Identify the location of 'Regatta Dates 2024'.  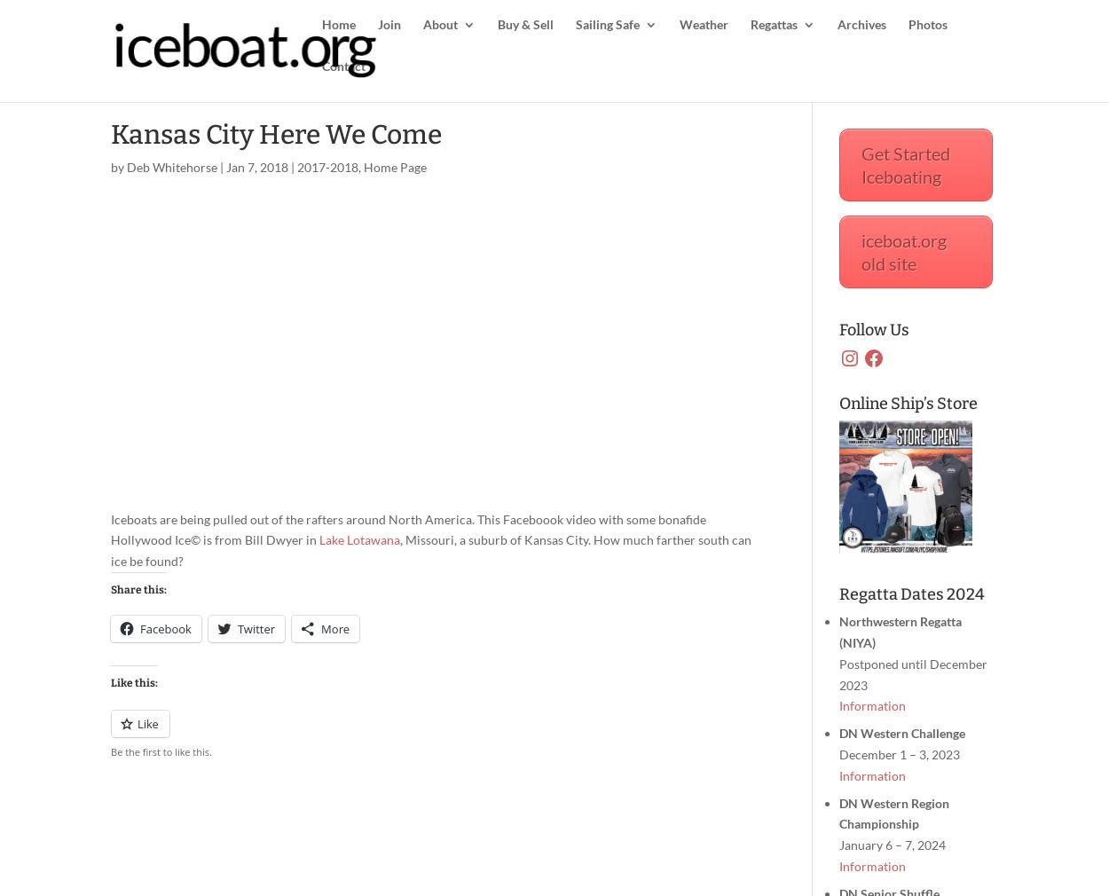
(838, 593).